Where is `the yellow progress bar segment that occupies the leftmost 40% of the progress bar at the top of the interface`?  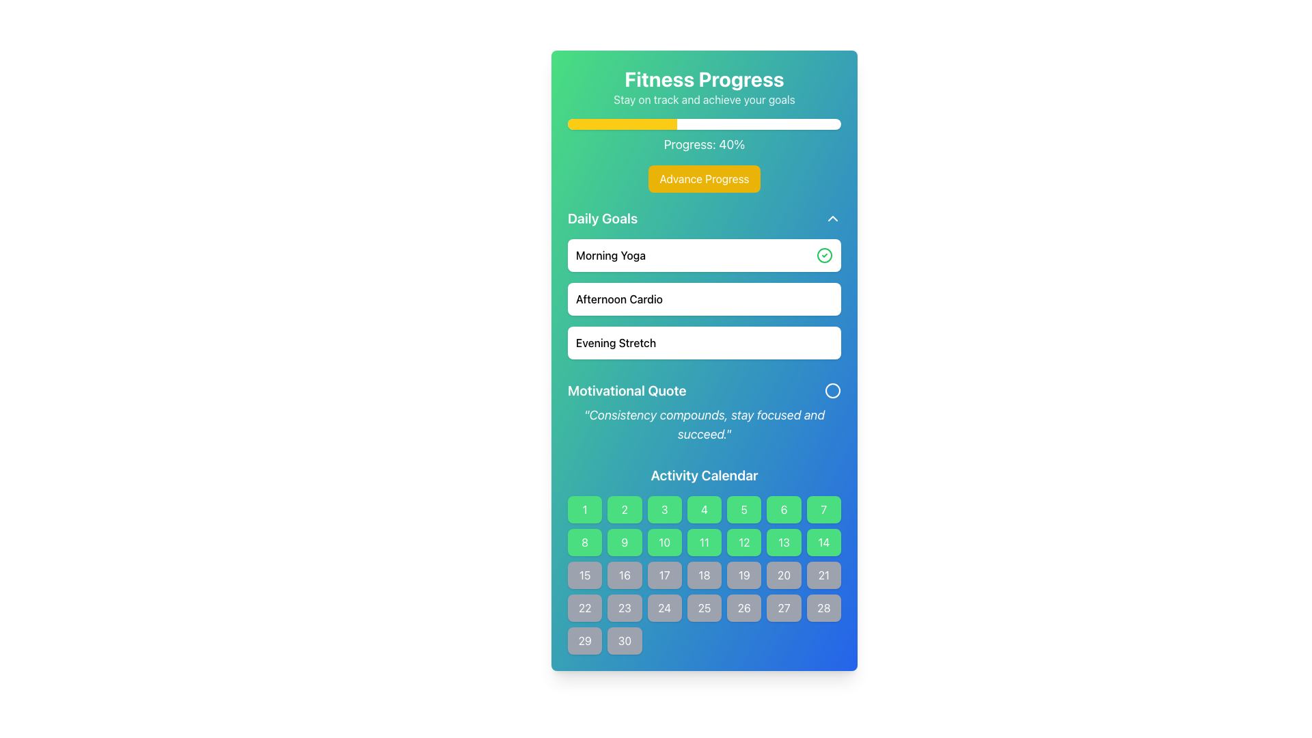 the yellow progress bar segment that occupies the leftmost 40% of the progress bar at the top of the interface is located at coordinates (622, 124).